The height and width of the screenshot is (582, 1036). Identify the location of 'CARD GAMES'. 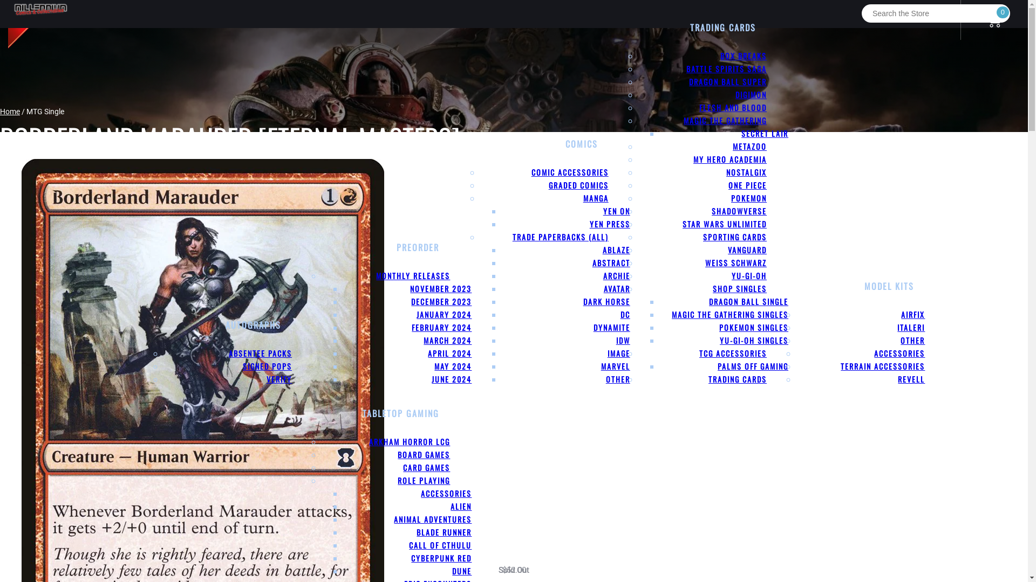
(426, 467).